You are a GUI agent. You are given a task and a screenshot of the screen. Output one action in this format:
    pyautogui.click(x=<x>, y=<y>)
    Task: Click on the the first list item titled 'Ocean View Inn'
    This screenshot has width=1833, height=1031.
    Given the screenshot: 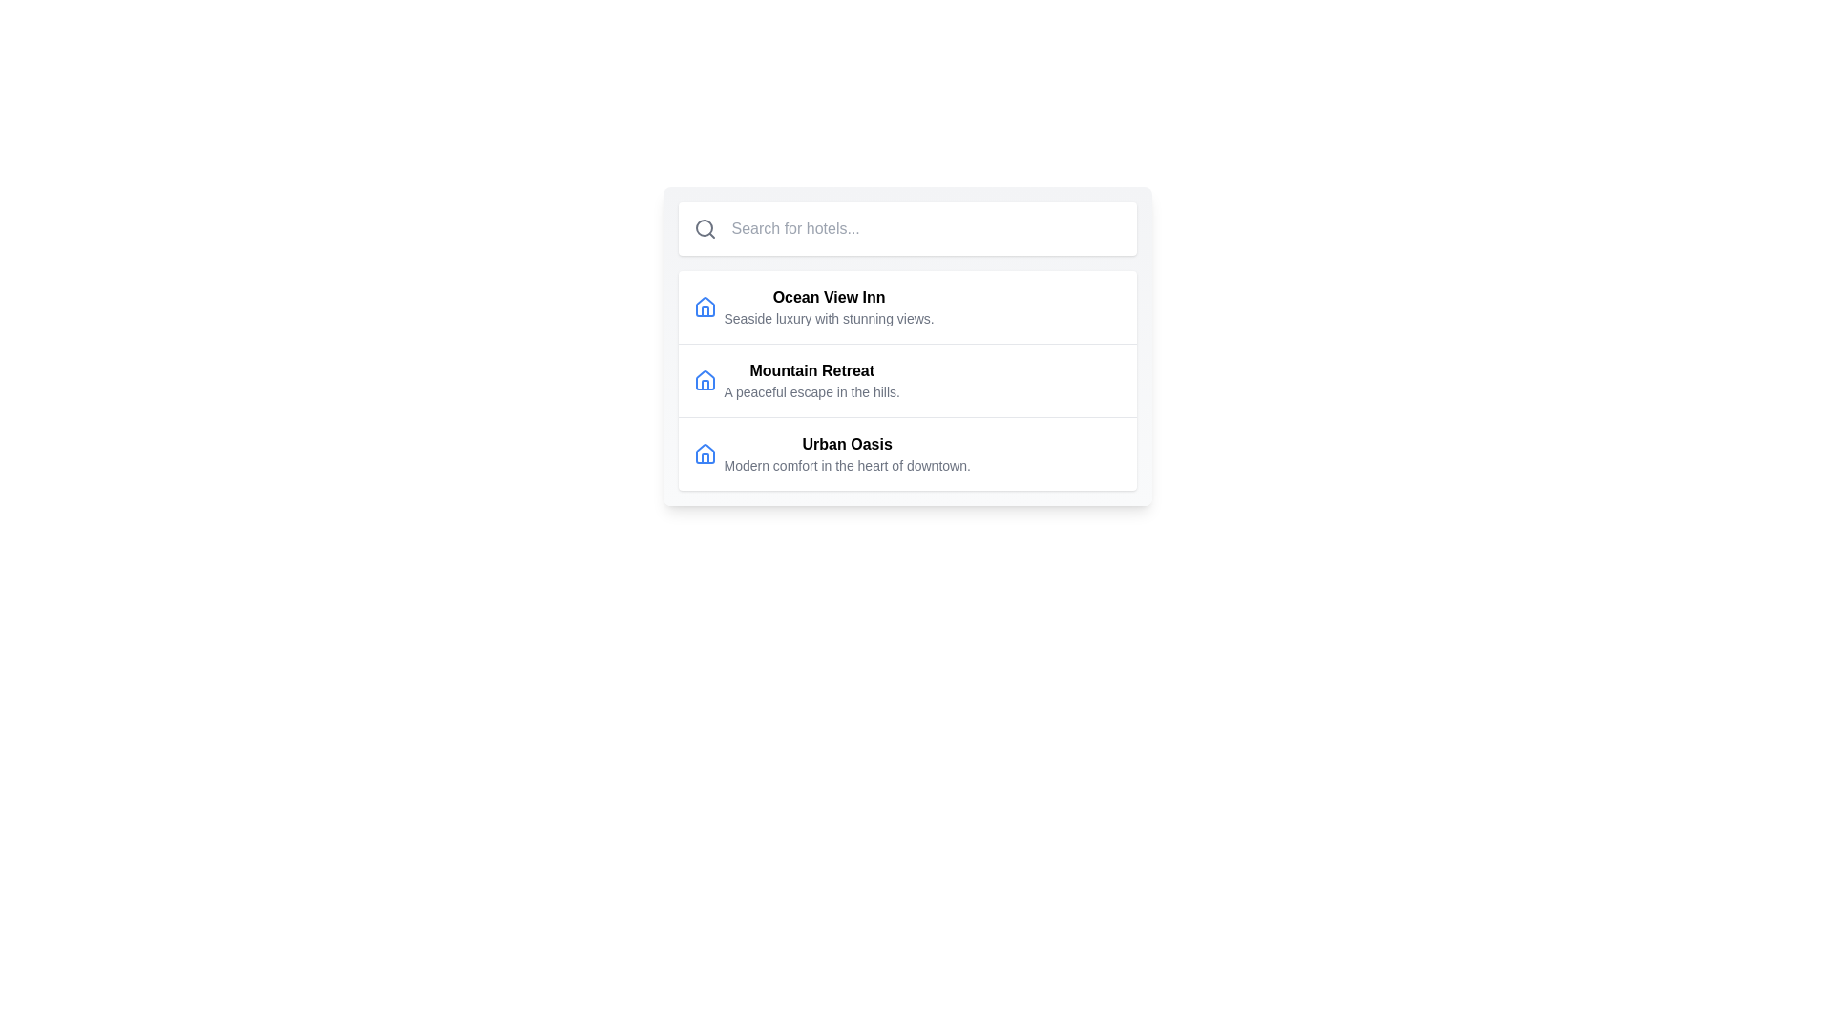 What is the action you would take?
    pyautogui.click(x=906, y=305)
    